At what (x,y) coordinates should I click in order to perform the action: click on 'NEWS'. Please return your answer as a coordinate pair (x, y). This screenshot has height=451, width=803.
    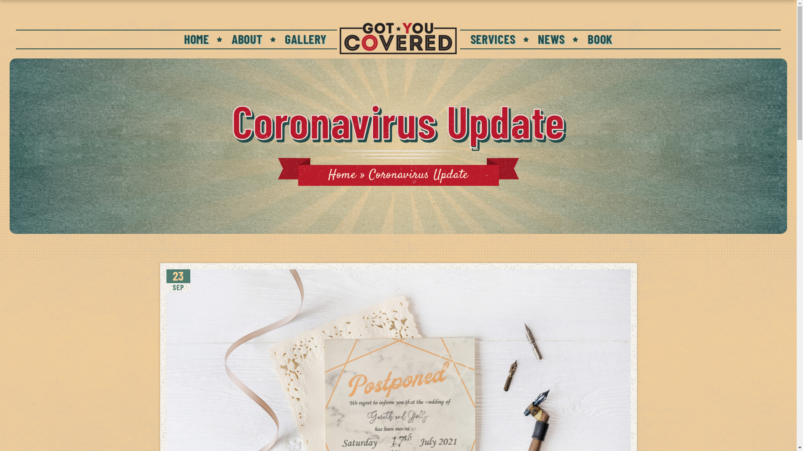
    Looking at the image, I should click on (551, 38).